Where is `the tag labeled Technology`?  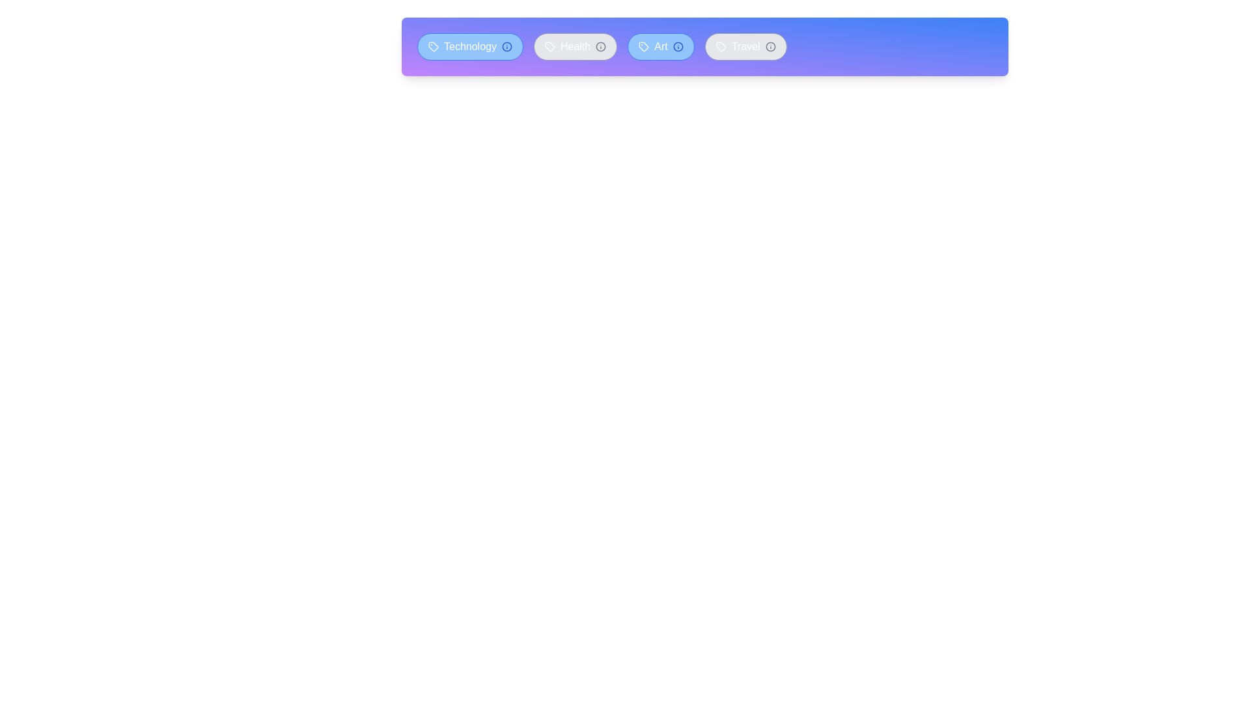 the tag labeled Technology is located at coordinates (469, 46).